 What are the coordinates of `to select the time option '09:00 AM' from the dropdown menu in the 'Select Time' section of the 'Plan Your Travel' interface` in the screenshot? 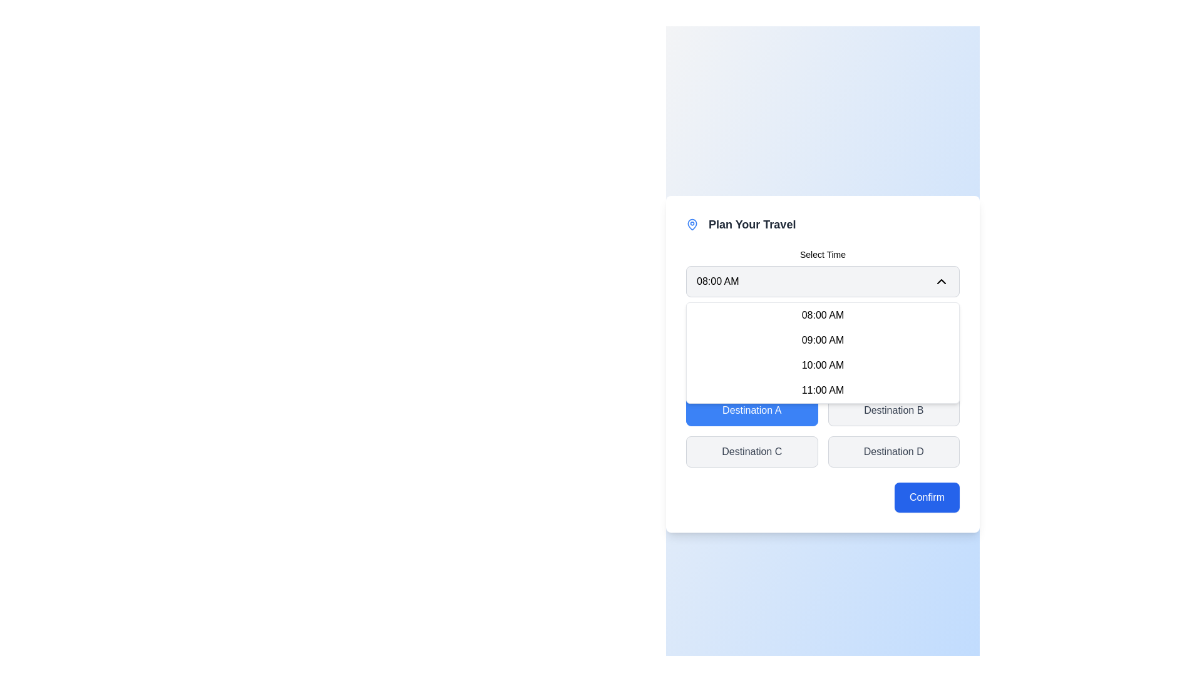 It's located at (823, 337).